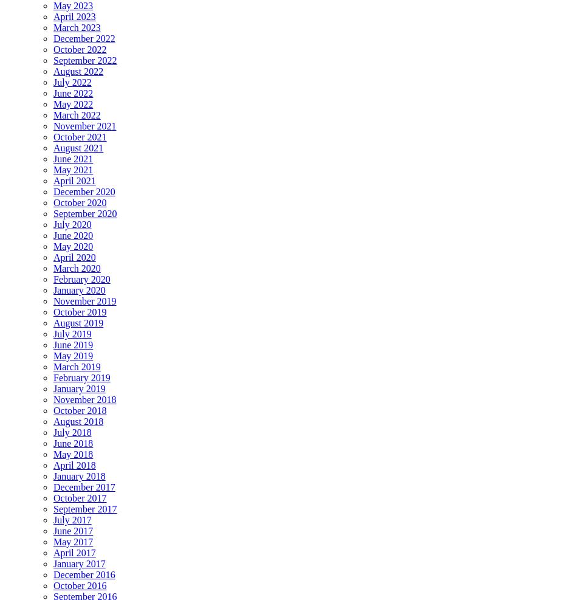 Image resolution: width=582 pixels, height=600 pixels. Describe the element at coordinates (78, 421) in the screenshot. I see `'August 2018'` at that location.